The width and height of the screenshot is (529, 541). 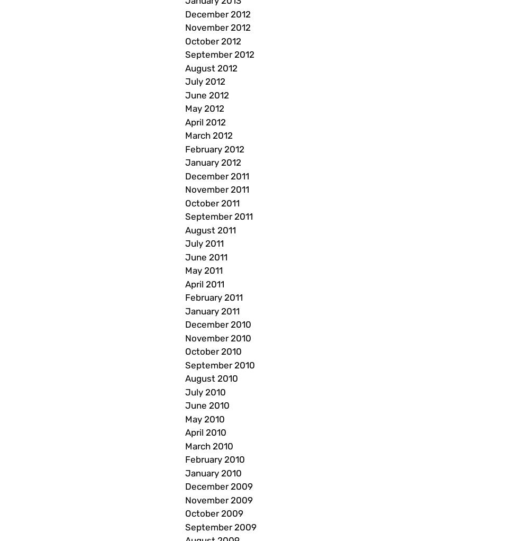 What do you see at coordinates (207, 94) in the screenshot?
I see `'June 2012'` at bounding box center [207, 94].